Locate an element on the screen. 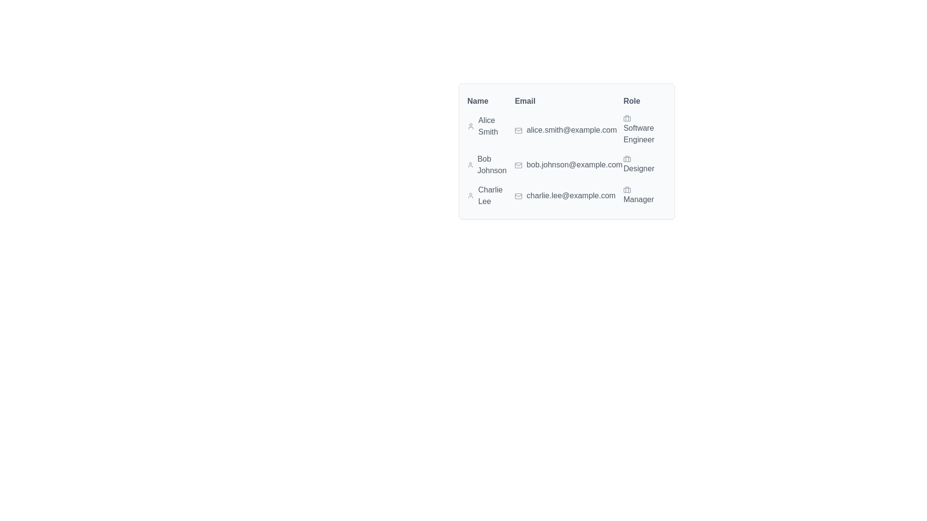  the 'Software Engineer' text and briefcase icon combination in the third column of the first row under the 'Role' column is located at coordinates (645, 130).